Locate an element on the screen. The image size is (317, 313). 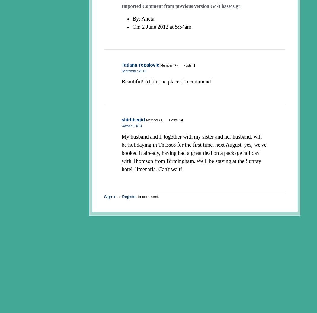
'1' is located at coordinates (194, 65).